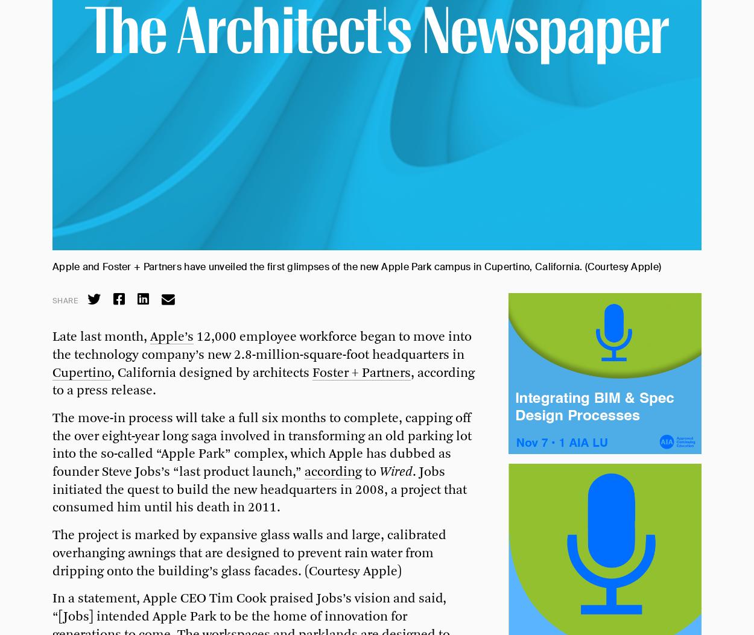  I want to click on '12,000 employee workforce began to move into the technology company’s new 2.8-million-square-foot headquarters in', so click(52, 346).